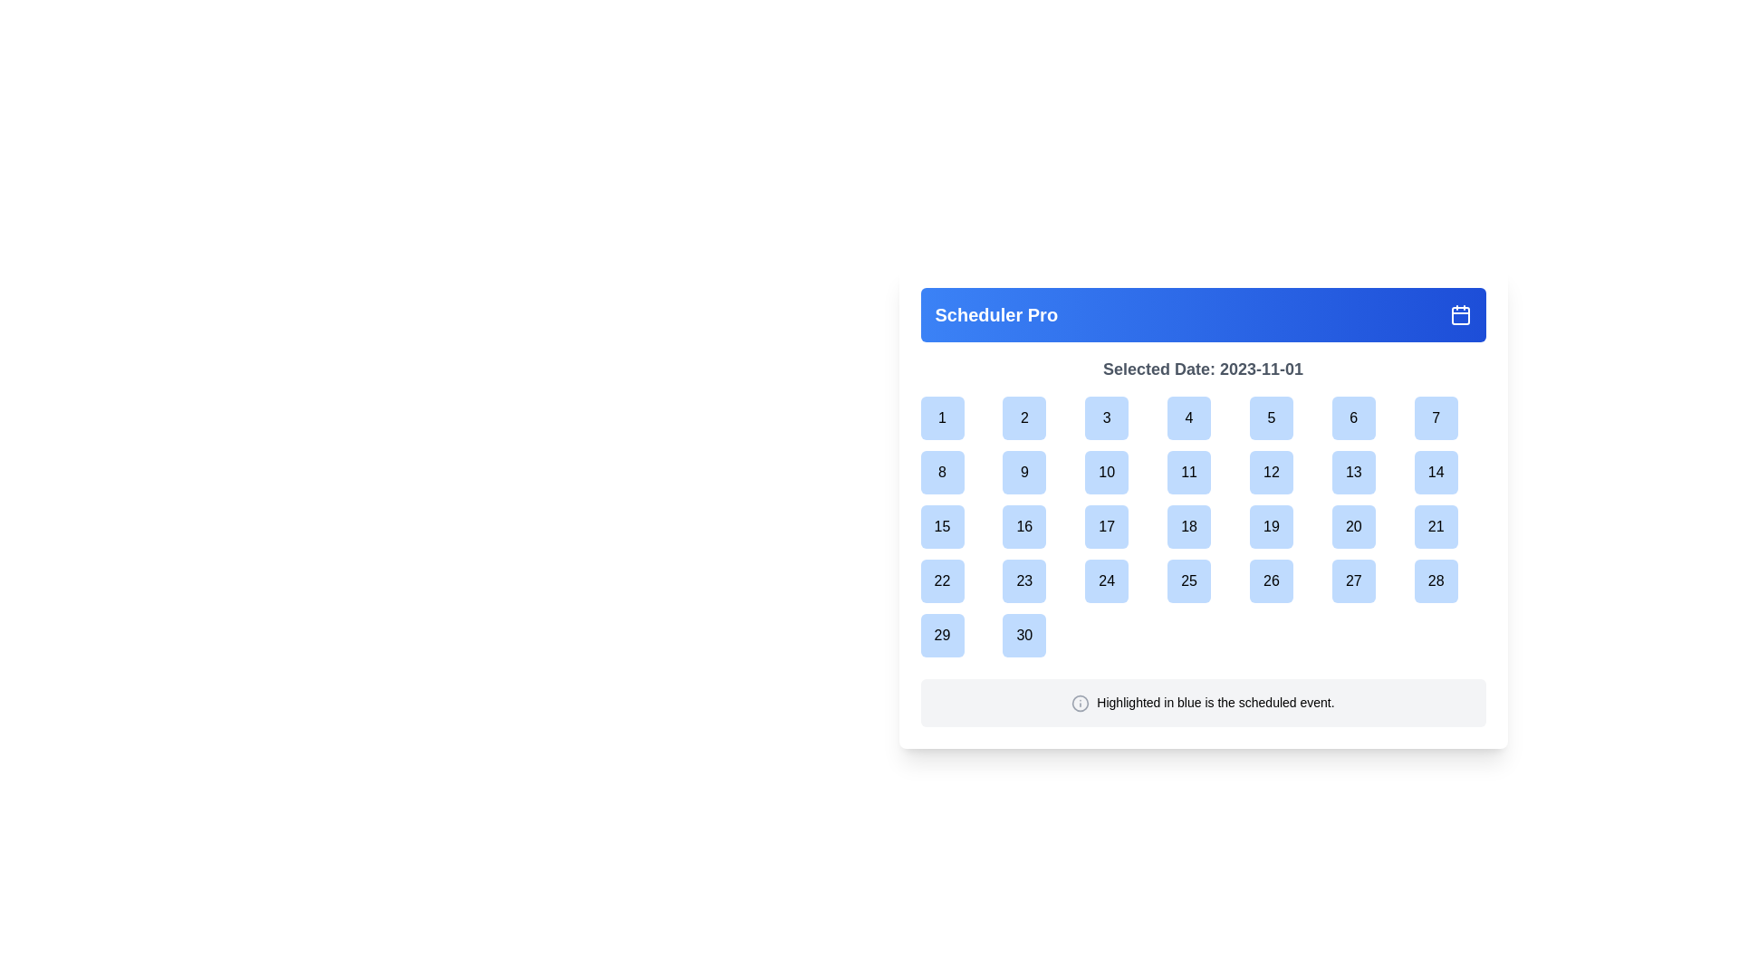 The image size is (1739, 978). I want to click on the calendar cell labeled '16', so click(1041, 563).